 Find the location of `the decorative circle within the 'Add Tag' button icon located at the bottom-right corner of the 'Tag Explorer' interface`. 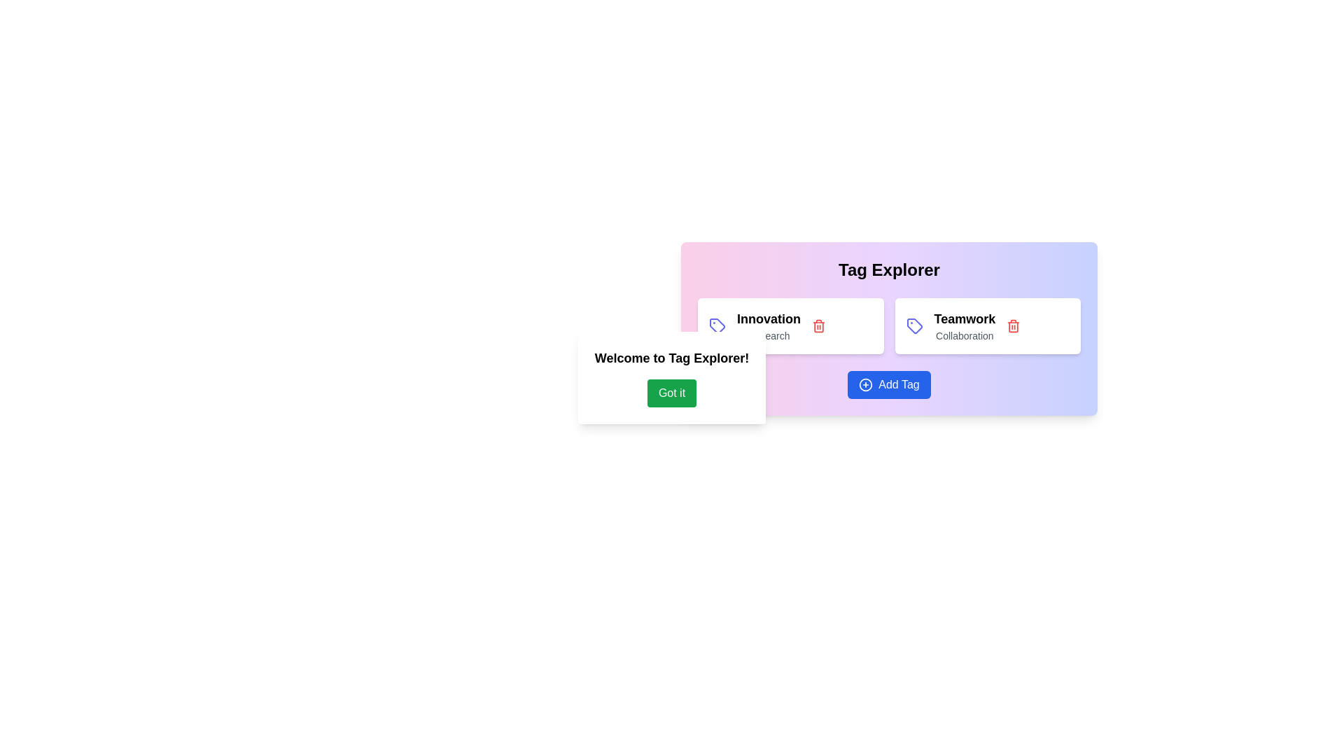

the decorative circle within the 'Add Tag' button icon located at the bottom-right corner of the 'Tag Explorer' interface is located at coordinates (865, 385).